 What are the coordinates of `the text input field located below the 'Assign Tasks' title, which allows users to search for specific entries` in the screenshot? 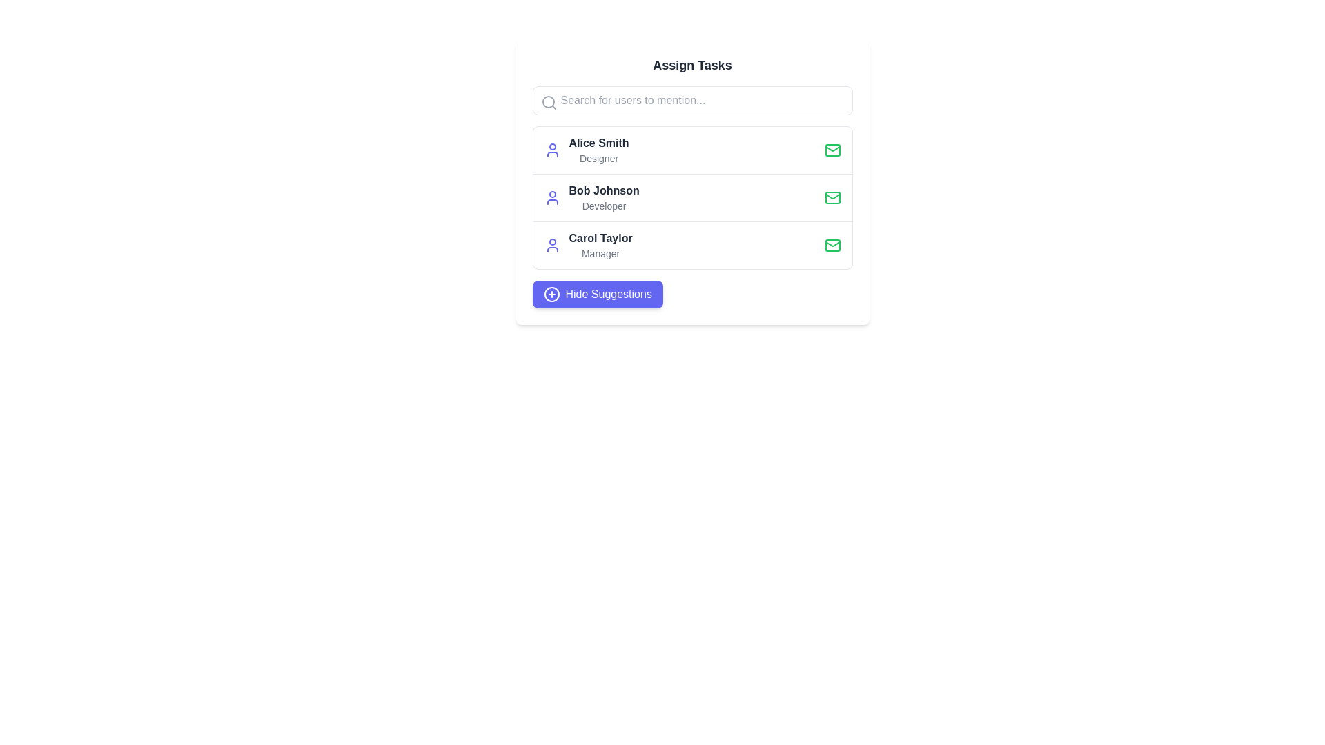 It's located at (692, 100).